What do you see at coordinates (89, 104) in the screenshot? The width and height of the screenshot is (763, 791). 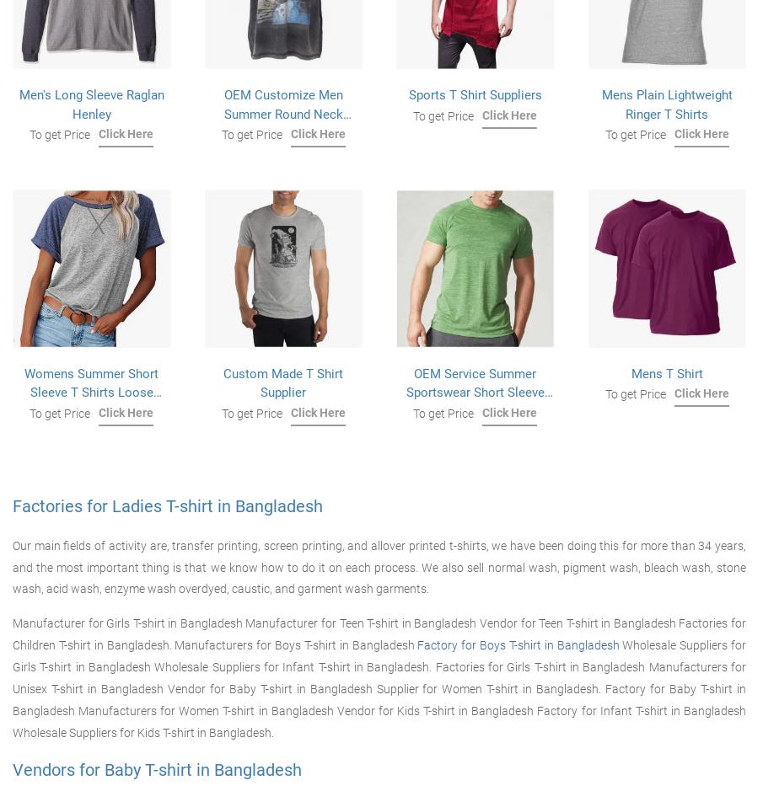 I see `'Men's Long Sleeve Raglan Henley'` at bounding box center [89, 104].